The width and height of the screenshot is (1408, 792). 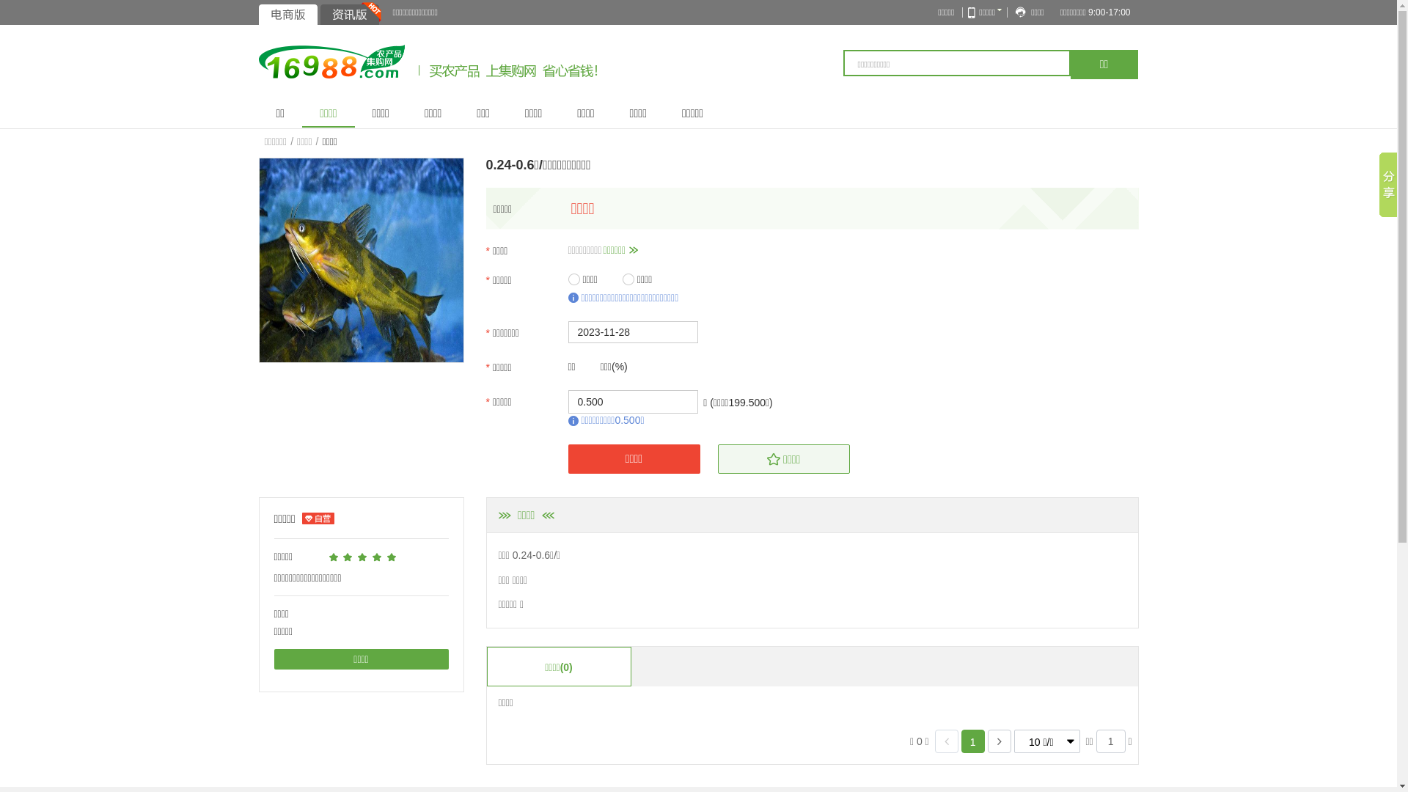 I want to click on '1', so click(x=970, y=741).